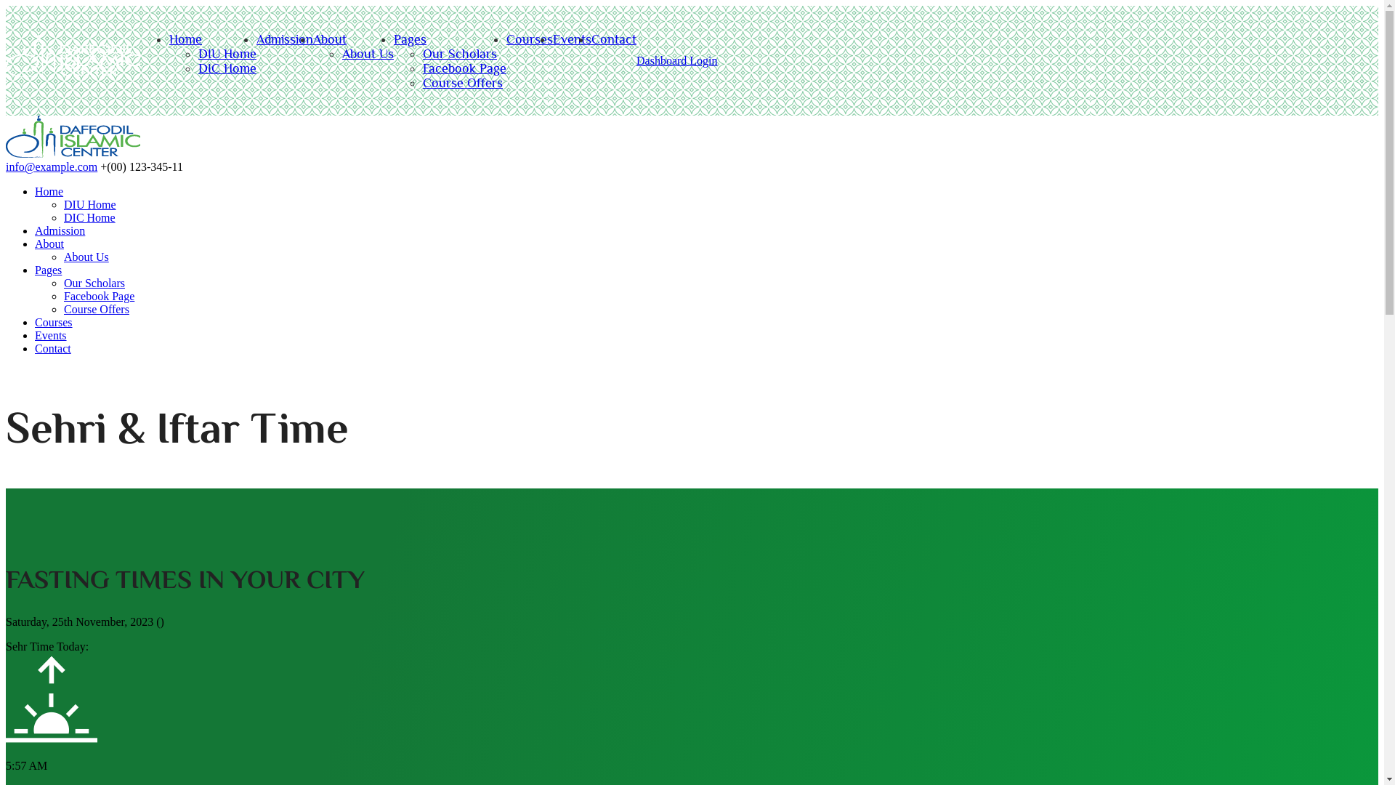 The width and height of the screenshot is (1395, 785). I want to click on 'Home', so click(169, 39).